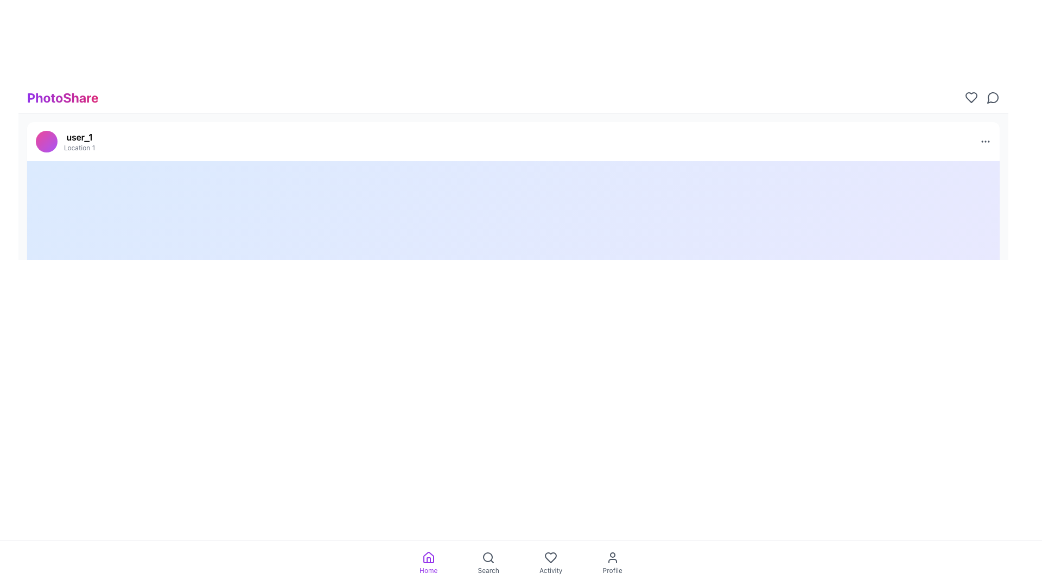 This screenshot has height=586, width=1042. I want to click on the heart icon located in the navigation bar at the bottom of the interface, so click(551, 558).